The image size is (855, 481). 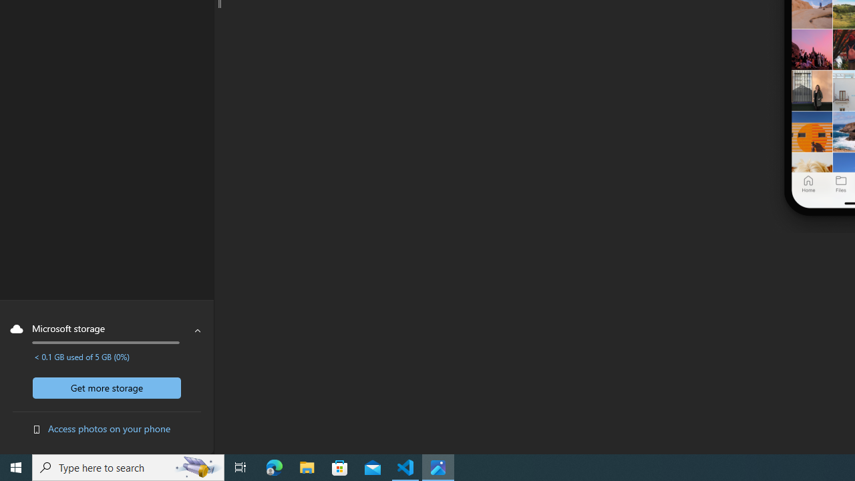 I want to click on 'Visual Studio Code - 1 running window', so click(x=405, y=466).